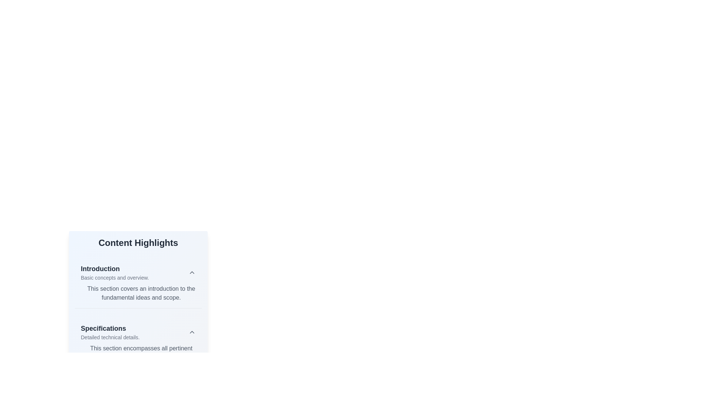 This screenshot has width=712, height=400. Describe the element at coordinates (110, 332) in the screenshot. I see `the informational header Text component that serves as a summary or introduction to the 'Specifications' content, located below the 'Introduction' section and aligned to the left` at that location.